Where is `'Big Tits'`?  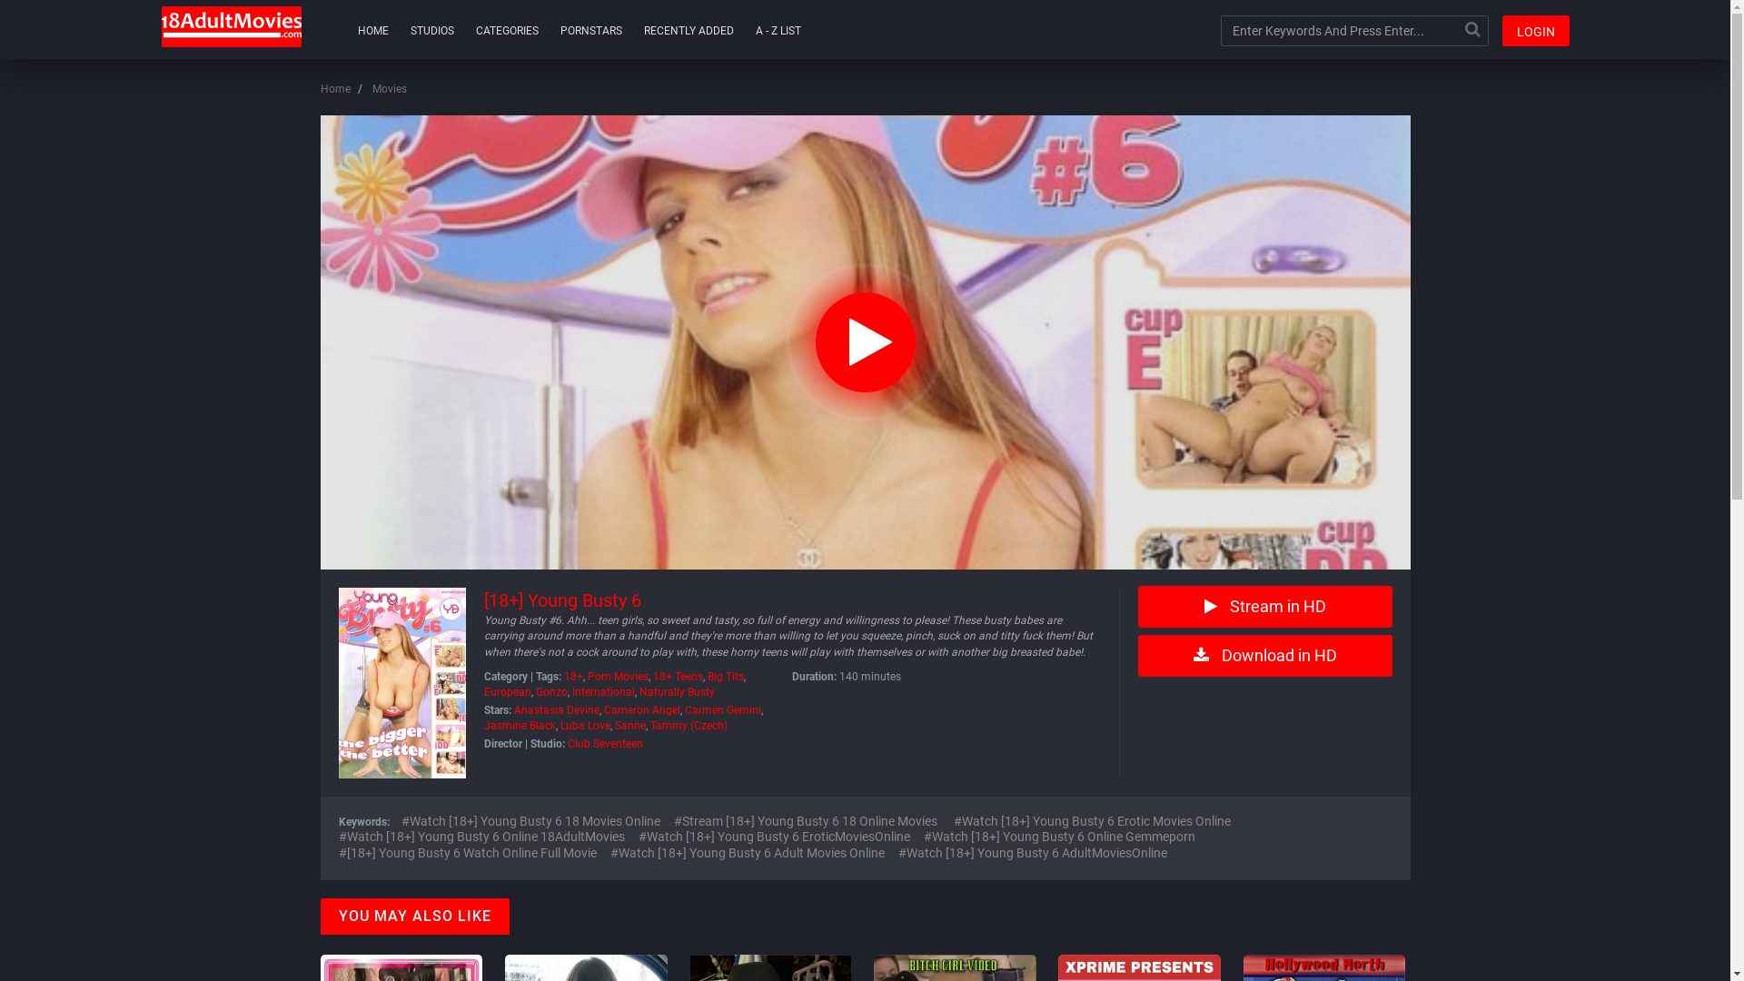 'Big Tits' is located at coordinates (705, 676).